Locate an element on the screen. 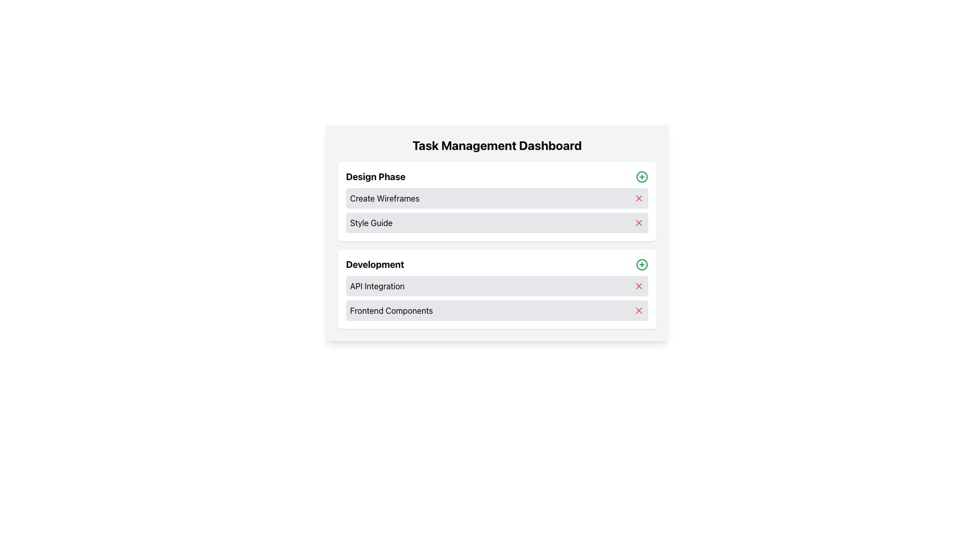 Image resolution: width=980 pixels, height=551 pixels. the unique cancellation icon located in the right section of the 'API Integration' bar in the Development section of the Task Management Dashboard is located at coordinates (639, 286).